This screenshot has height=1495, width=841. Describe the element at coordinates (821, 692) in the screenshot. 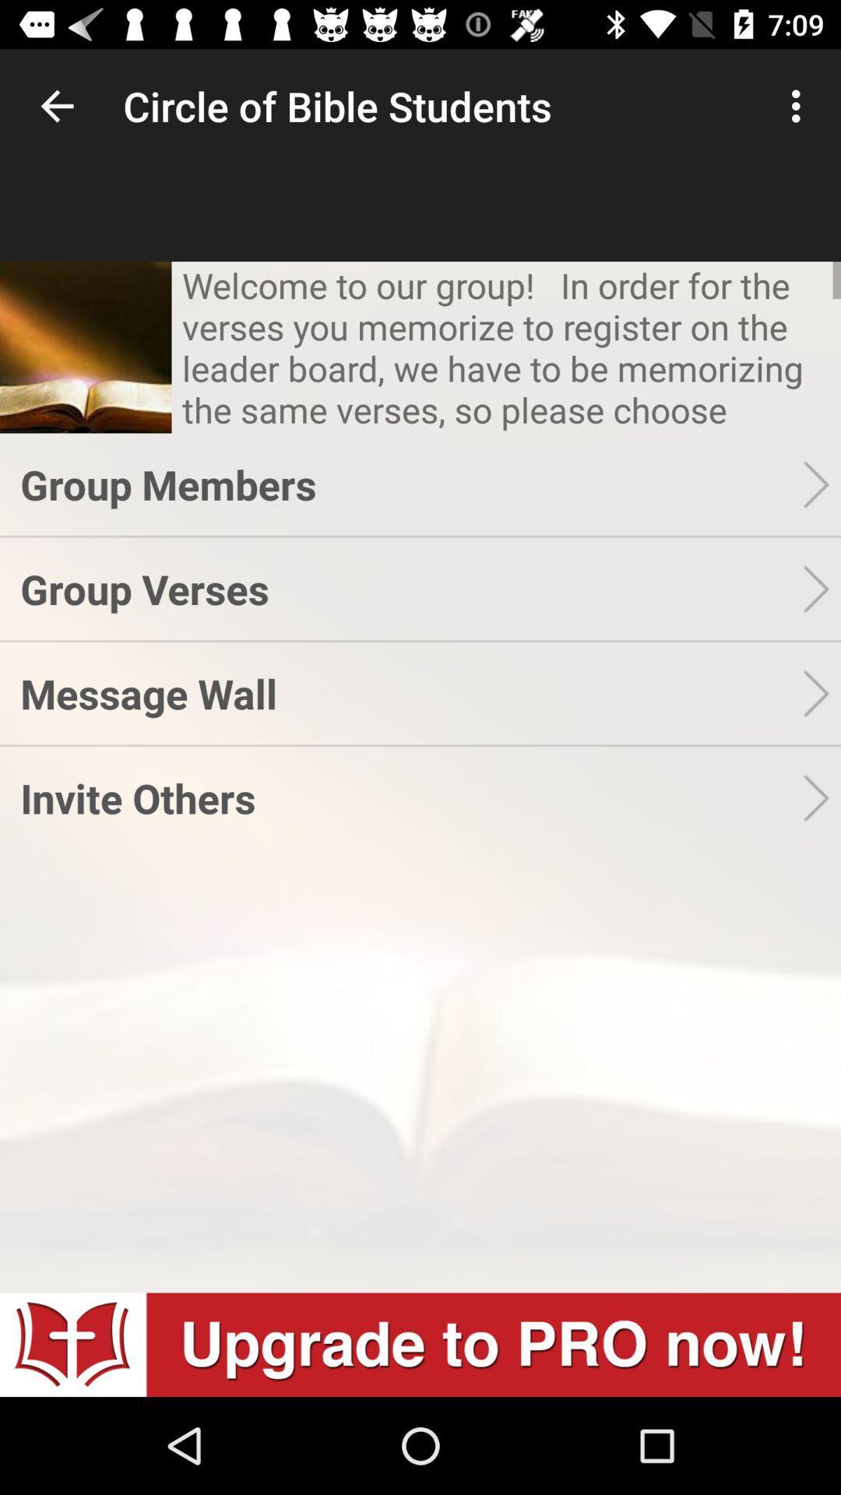

I see `the right scroll bar icon which is beside the message wall` at that location.